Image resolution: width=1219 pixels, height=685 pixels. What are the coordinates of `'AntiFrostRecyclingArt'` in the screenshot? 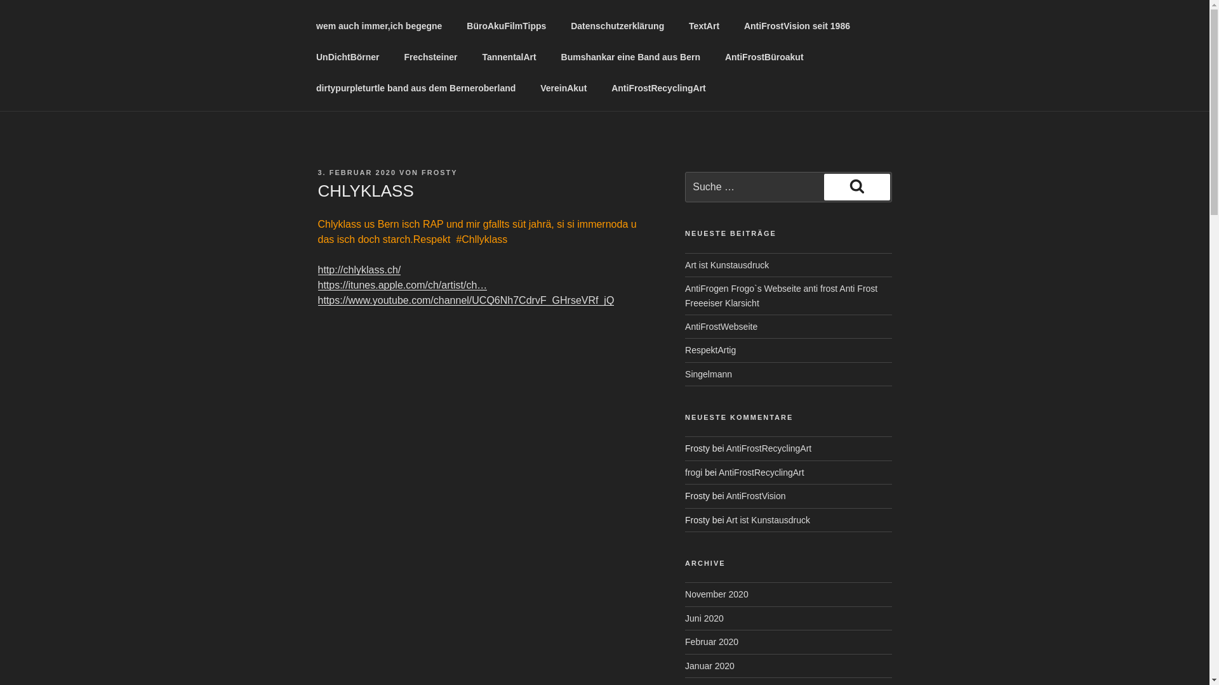 It's located at (768, 447).